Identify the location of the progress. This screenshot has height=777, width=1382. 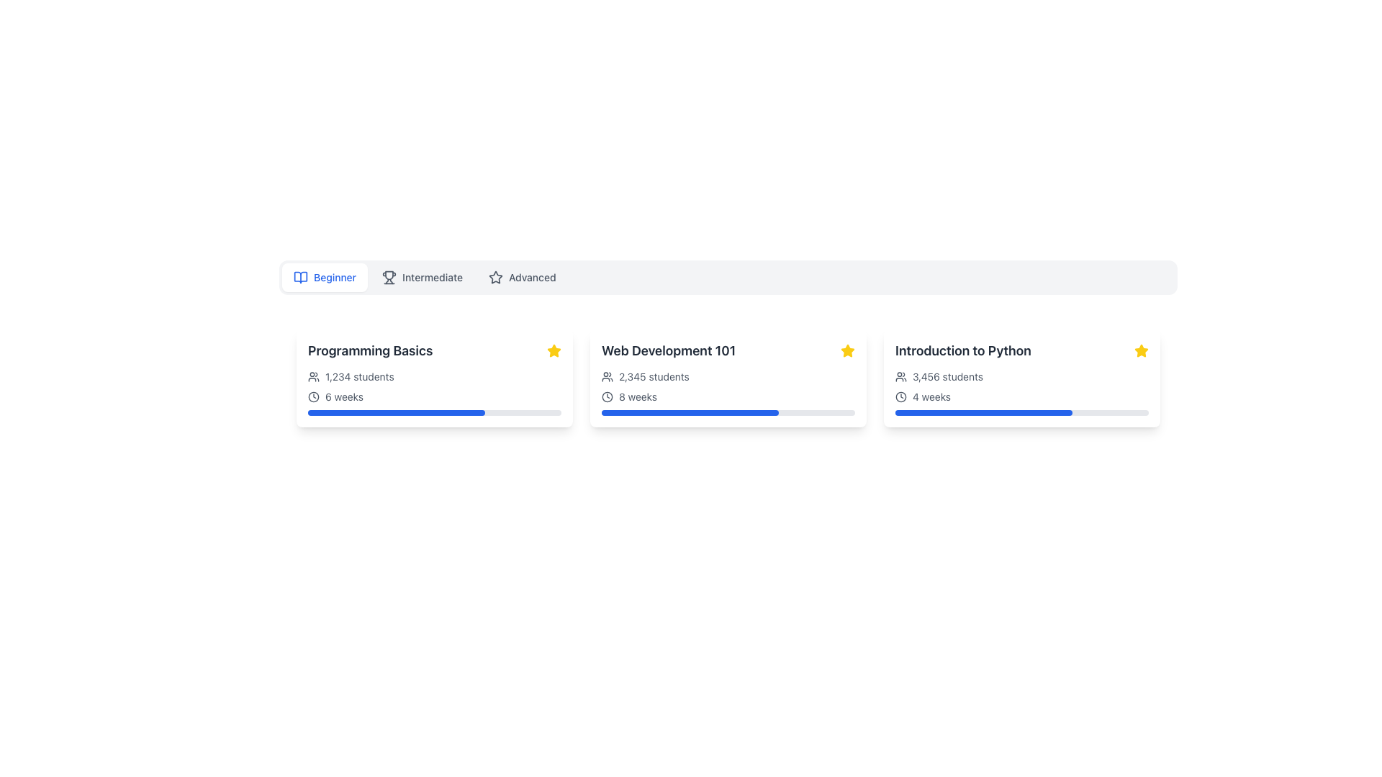
(550, 413).